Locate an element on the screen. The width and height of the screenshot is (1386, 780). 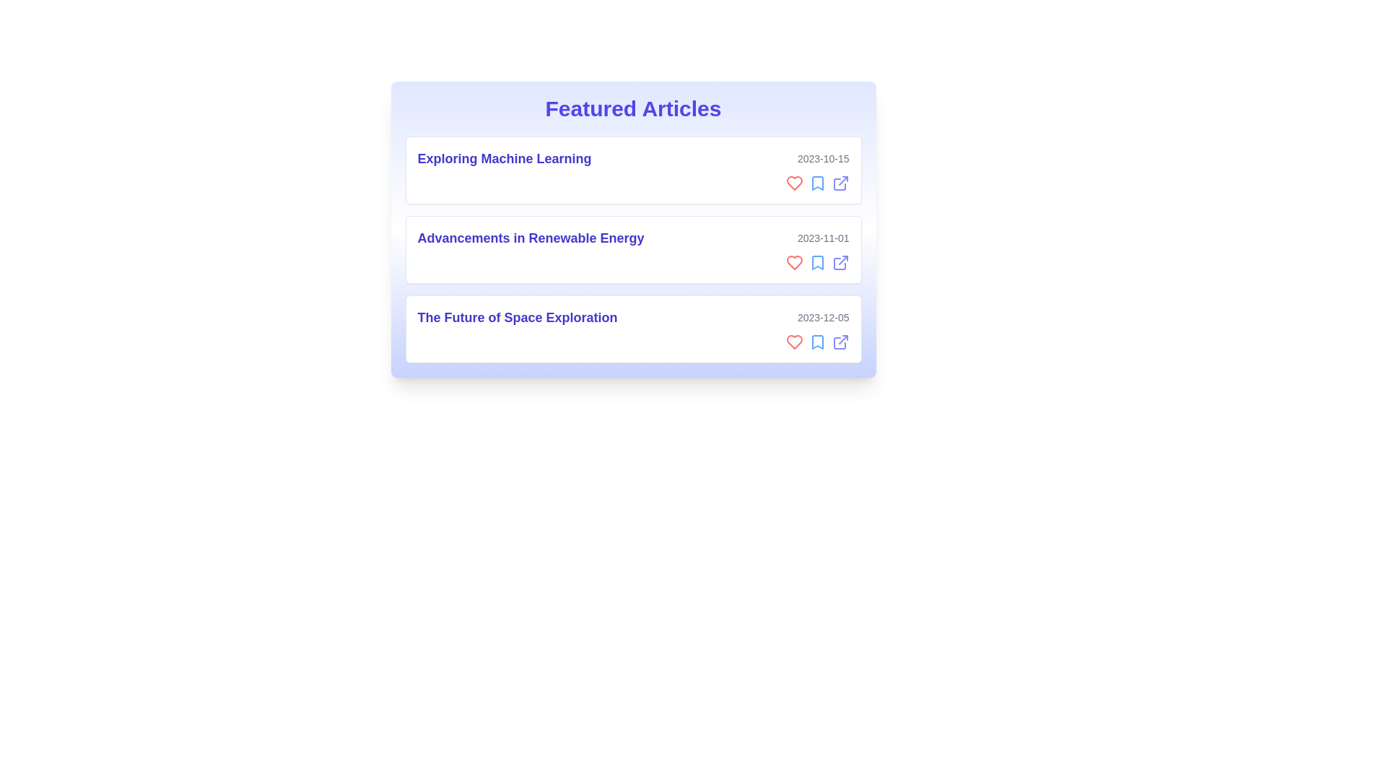
bookmark icon for the article titled 'The Future of Space Exploration' is located at coordinates (817, 342).